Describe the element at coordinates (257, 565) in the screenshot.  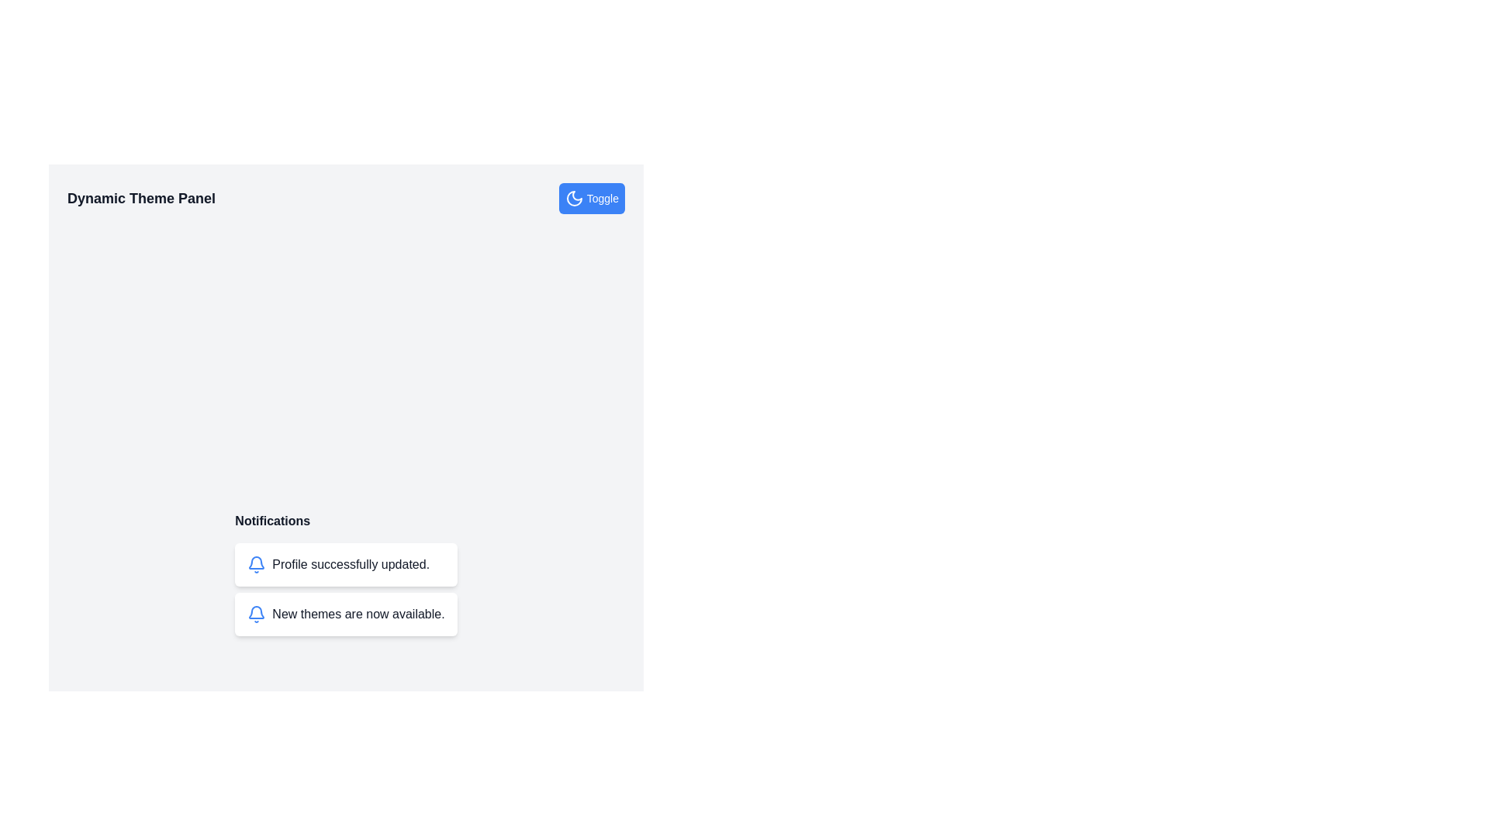
I see `the leftmost icon in the 'Profile successfully updated.' notification card, which serves as a visual indicator for alerts or notifications` at that location.